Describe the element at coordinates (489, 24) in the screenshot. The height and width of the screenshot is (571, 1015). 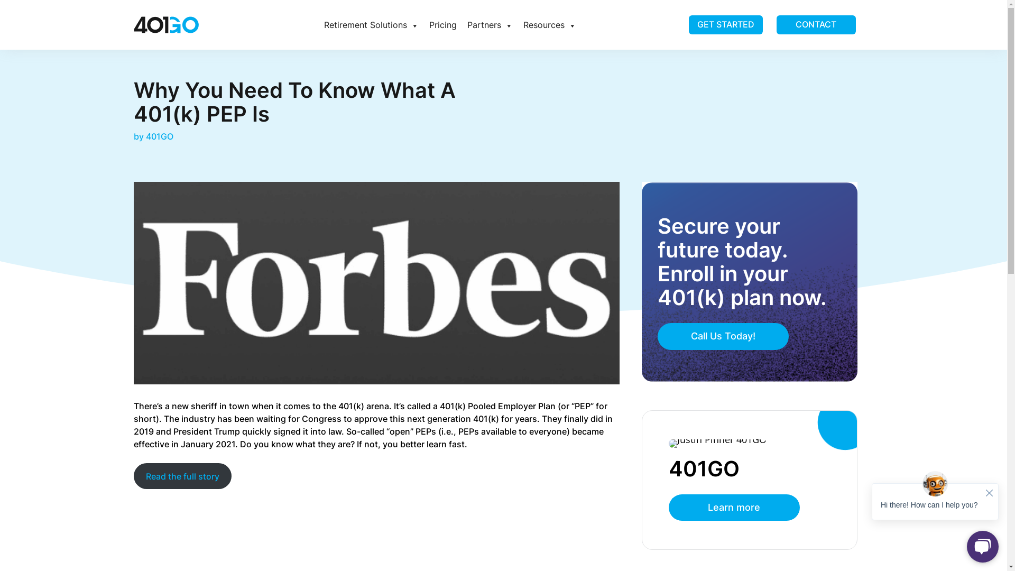
I see `'Partners'` at that location.